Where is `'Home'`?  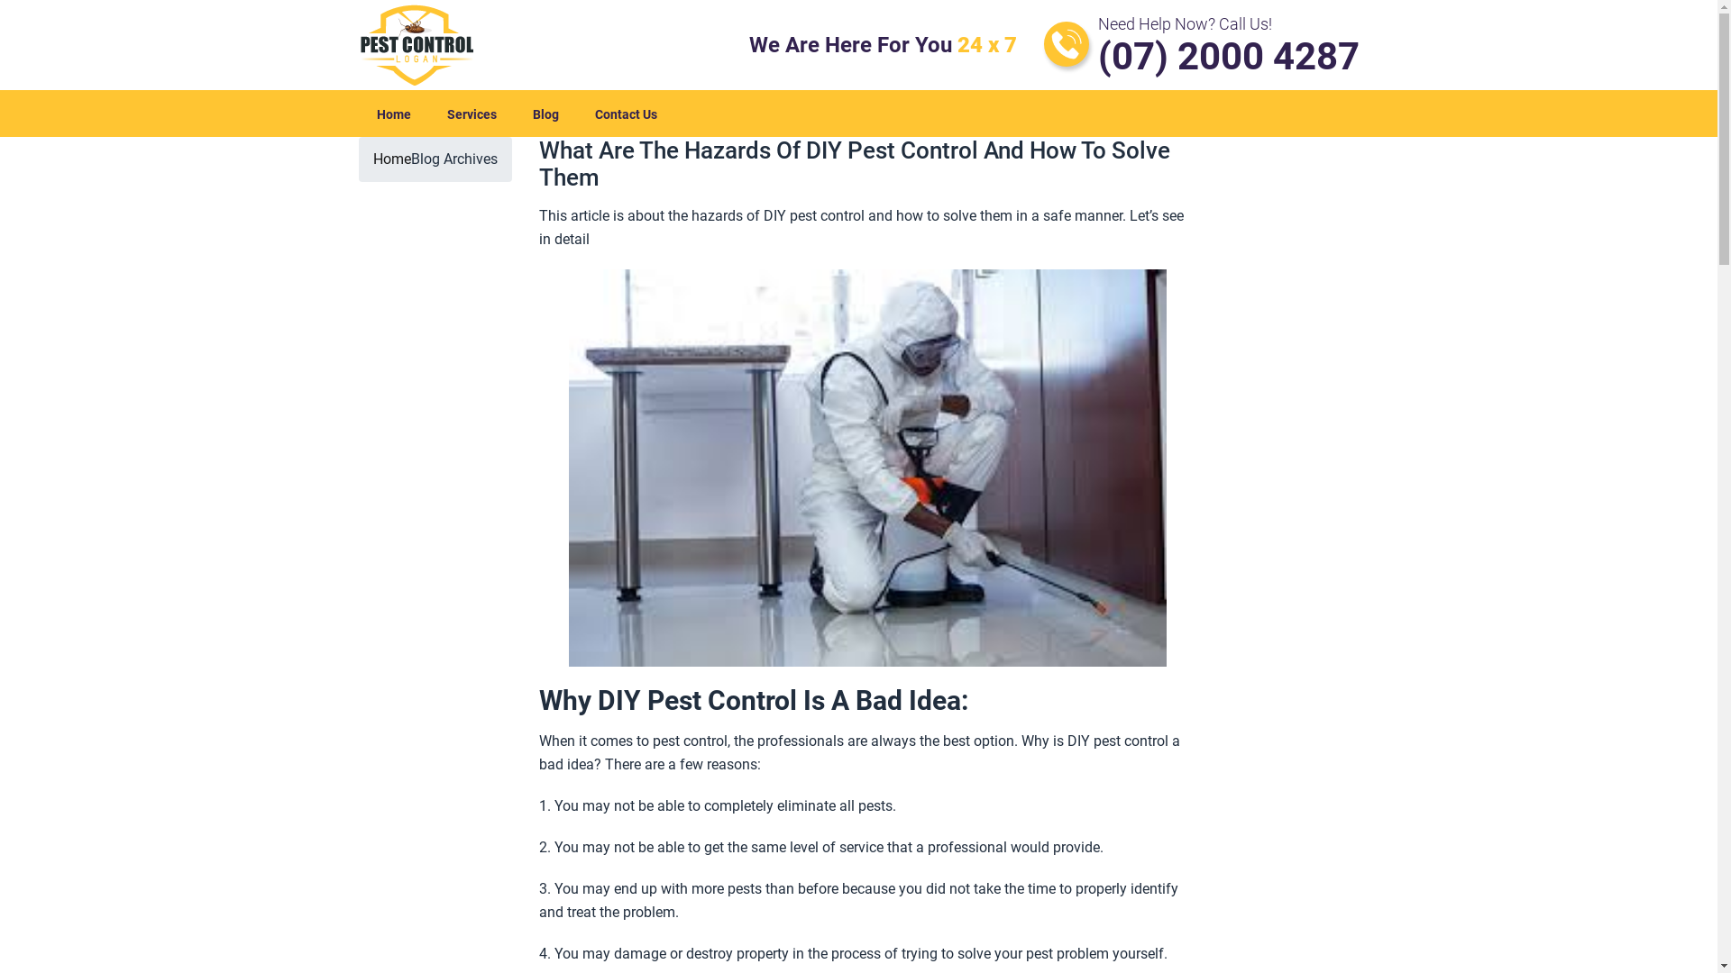
'Home' is located at coordinates (391, 158).